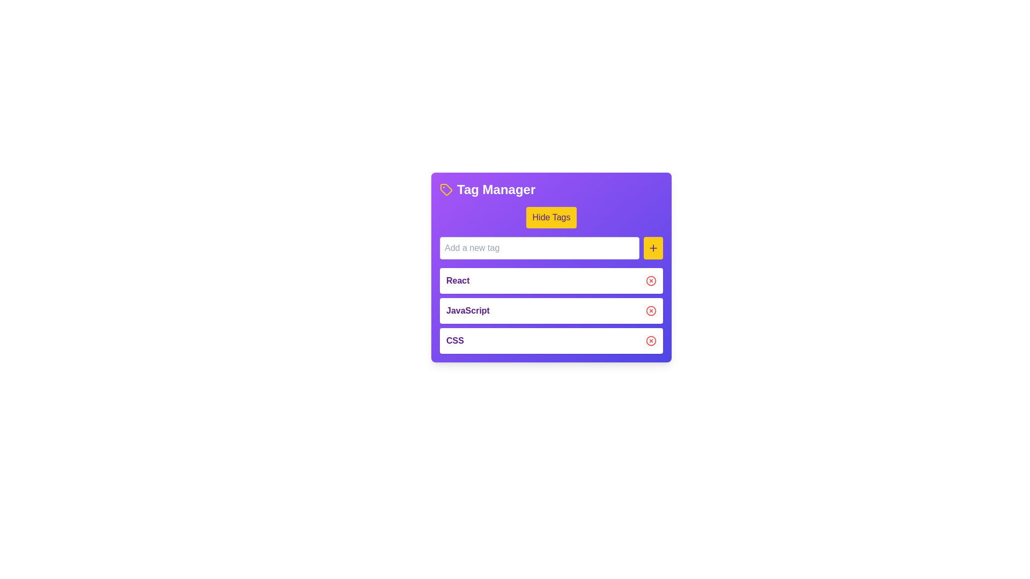  What do you see at coordinates (653, 248) in the screenshot?
I see `the yellow rectangular button with a purple plus icon to observe the hover effect` at bounding box center [653, 248].